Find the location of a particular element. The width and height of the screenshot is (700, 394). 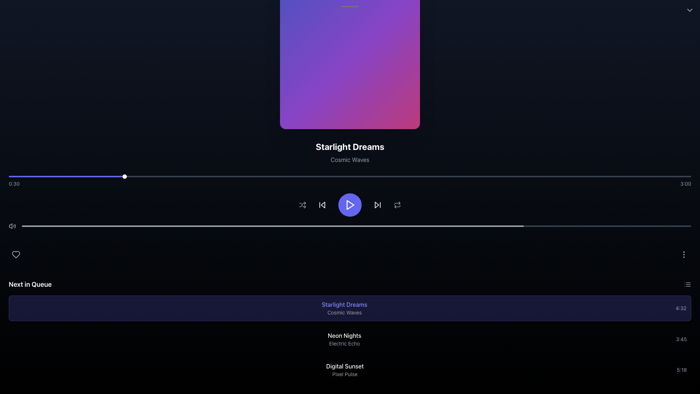

the 'Play' button located at the center of the playback controls is located at coordinates (350, 205).